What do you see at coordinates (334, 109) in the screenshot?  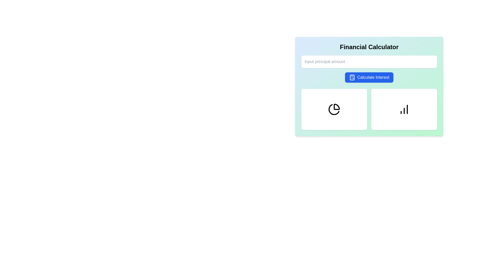 I see `the pie chart icon in the financial calculator interface, which is the first icon located in the left section of the bottom row beneath the 'Calculate Interest' button` at bounding box center [334, 109].